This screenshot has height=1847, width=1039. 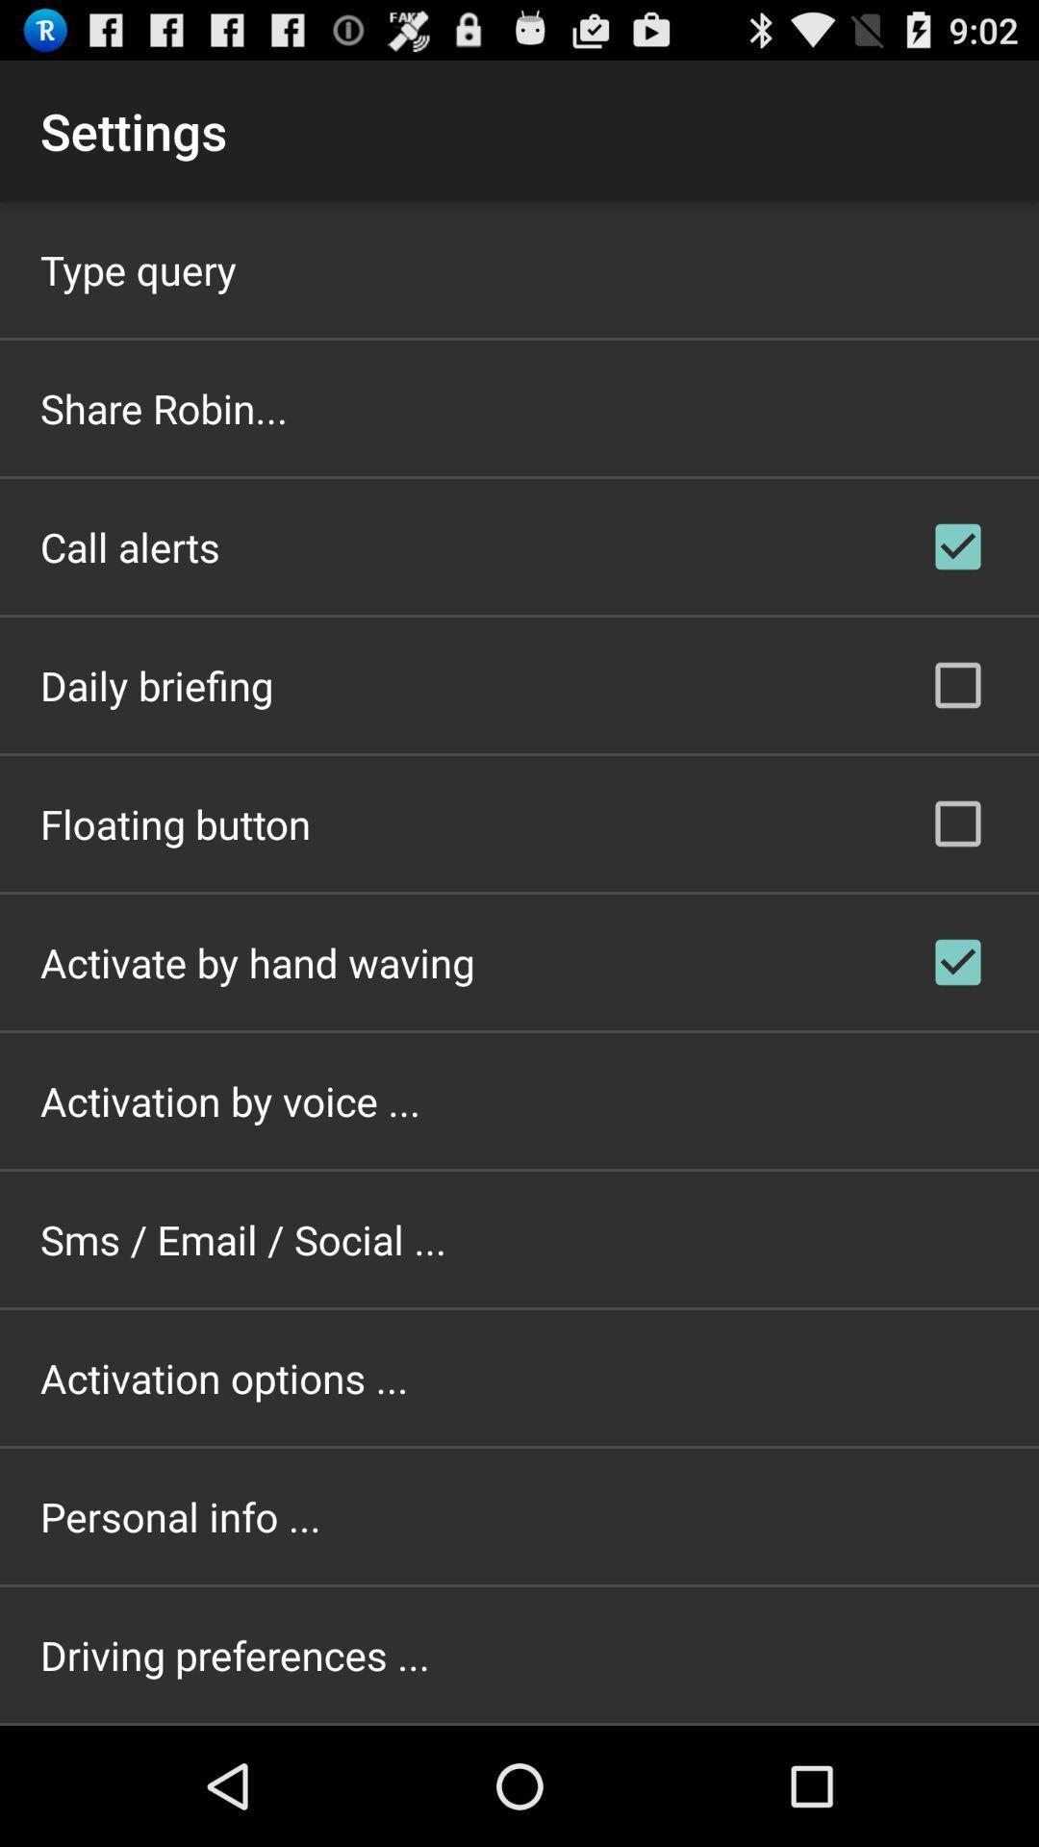 I want to click on item below the personal info ... item, so click(x=234, y=1654).